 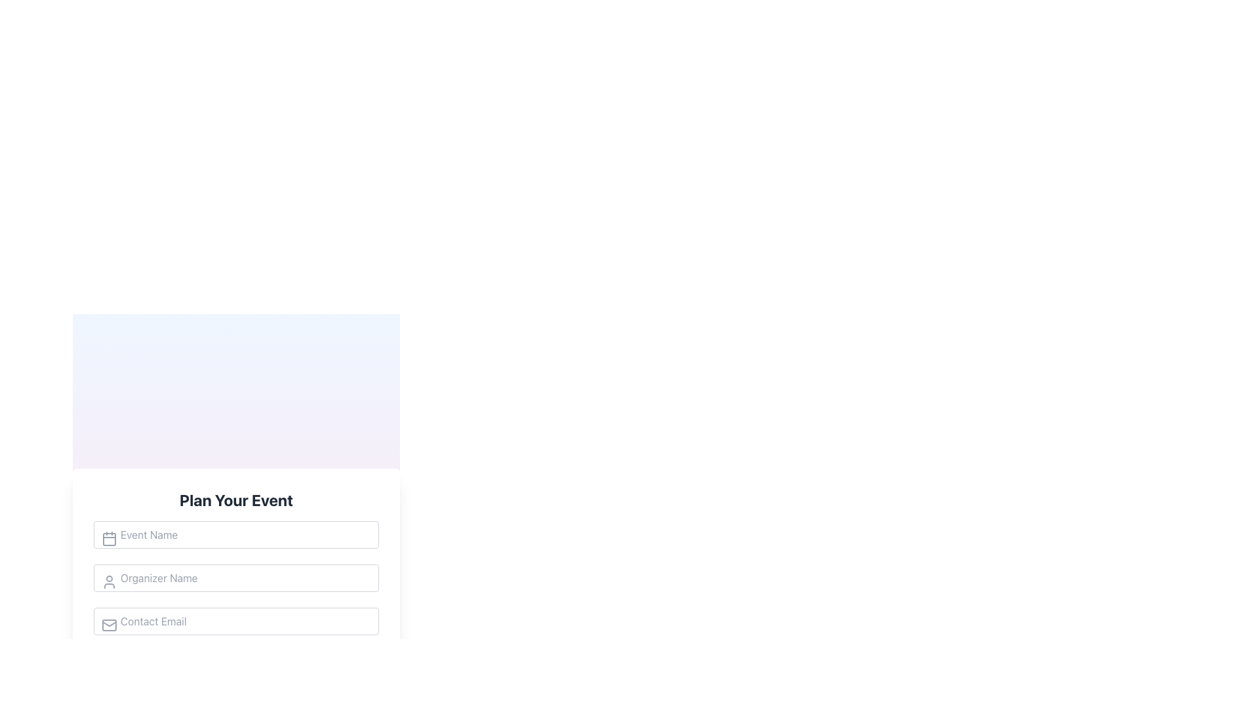 I want to click on the decorative icon indicating the function of the input field for 'Contact Email' in the 'Plan Your Event' section, so click(x=110, y=624).